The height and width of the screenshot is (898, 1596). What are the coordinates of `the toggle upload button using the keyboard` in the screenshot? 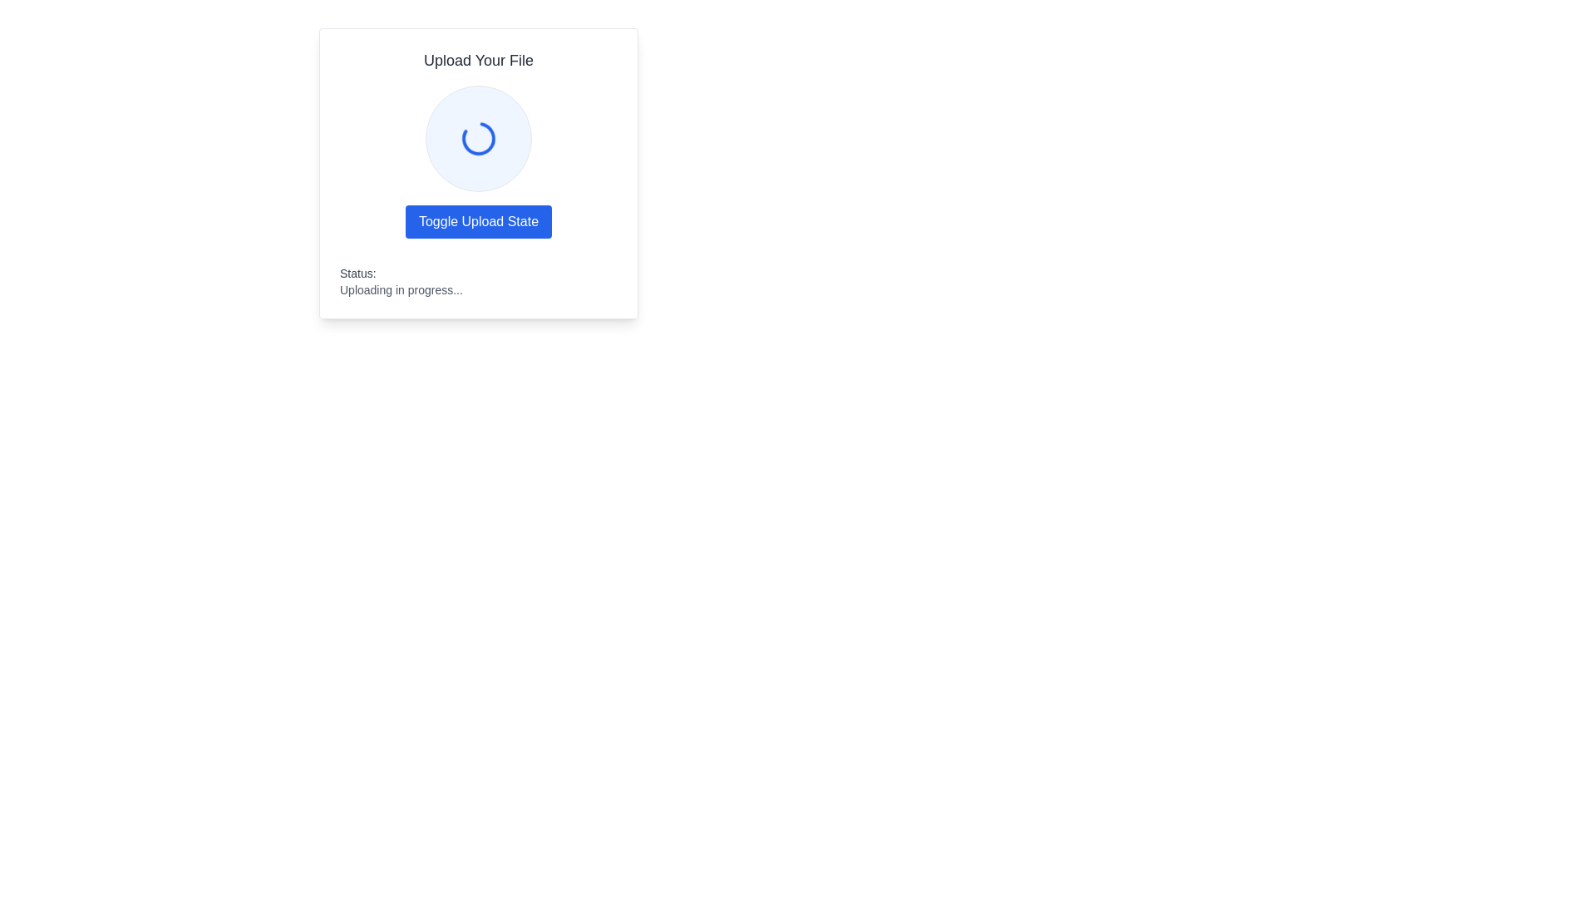 It's located at (478, 220).